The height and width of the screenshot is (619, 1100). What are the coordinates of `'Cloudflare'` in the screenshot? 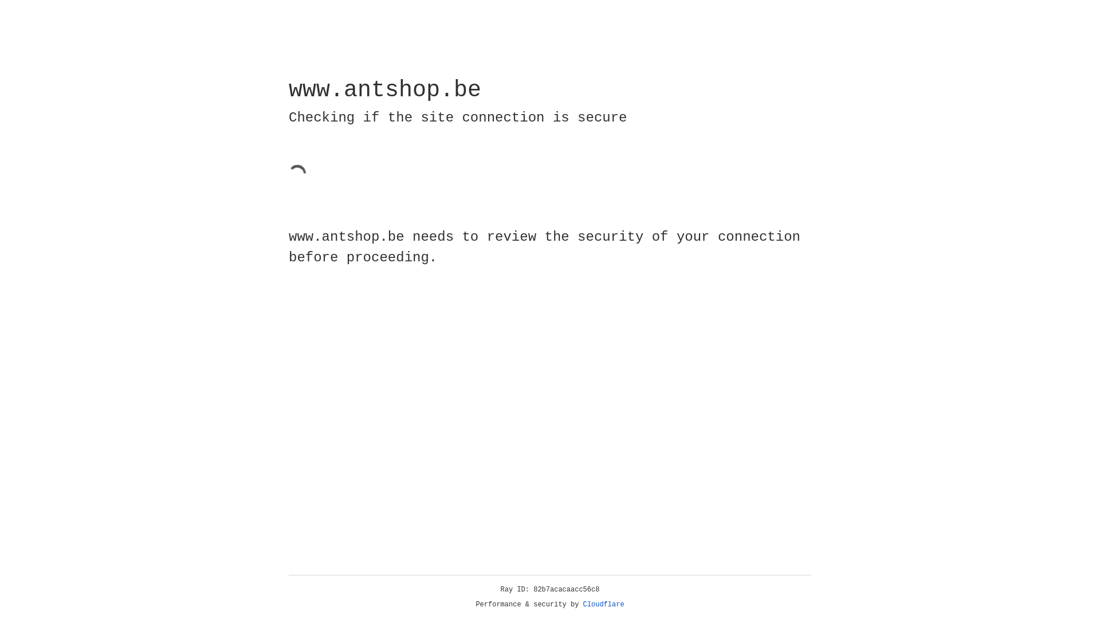 It's located at (603, 604).